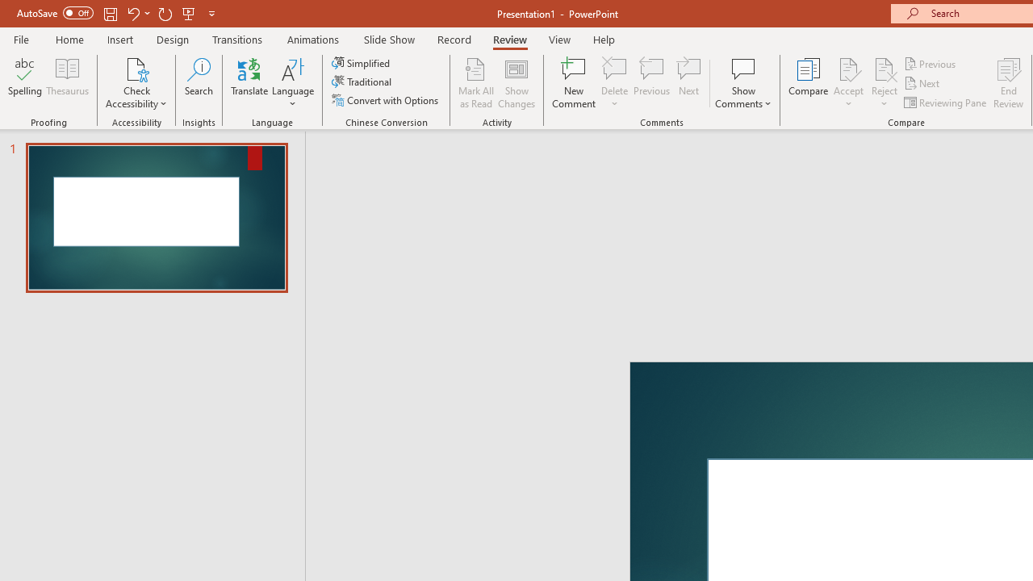 This screenshot has height=581, width=1033. Describe the element at coordinates (516, 83) in the screenshot. I see `'Show Changes'` at that location.